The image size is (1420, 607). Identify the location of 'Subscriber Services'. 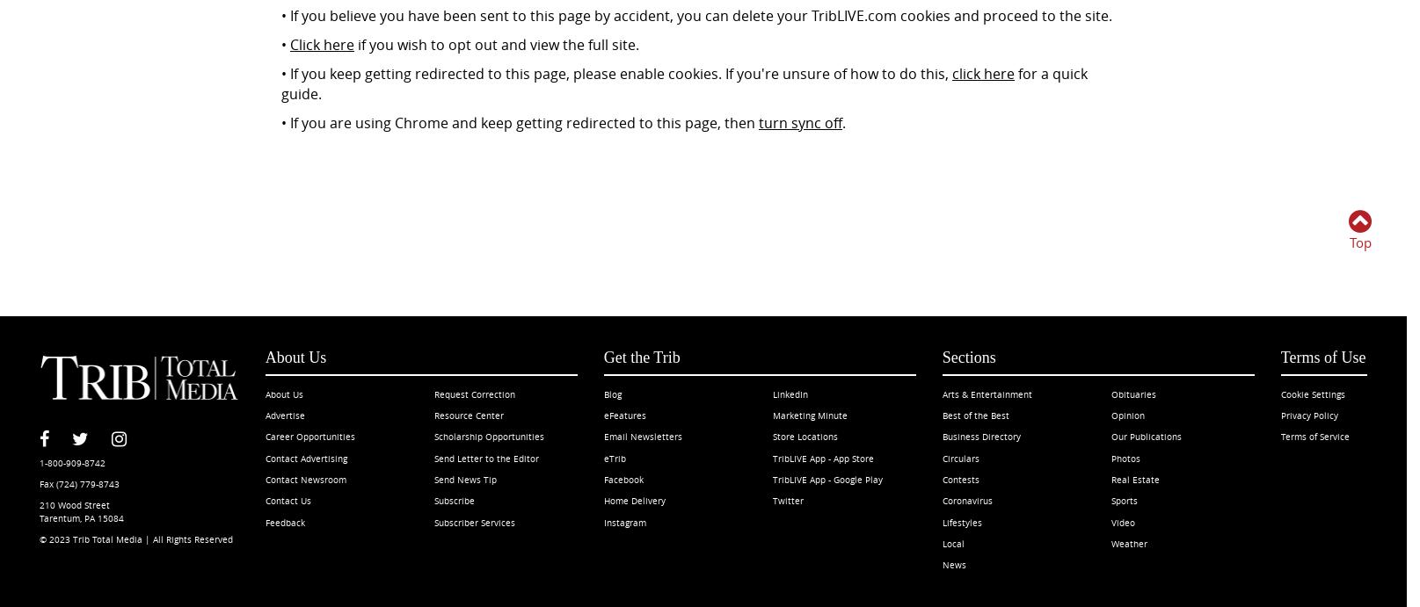
(433, 521).